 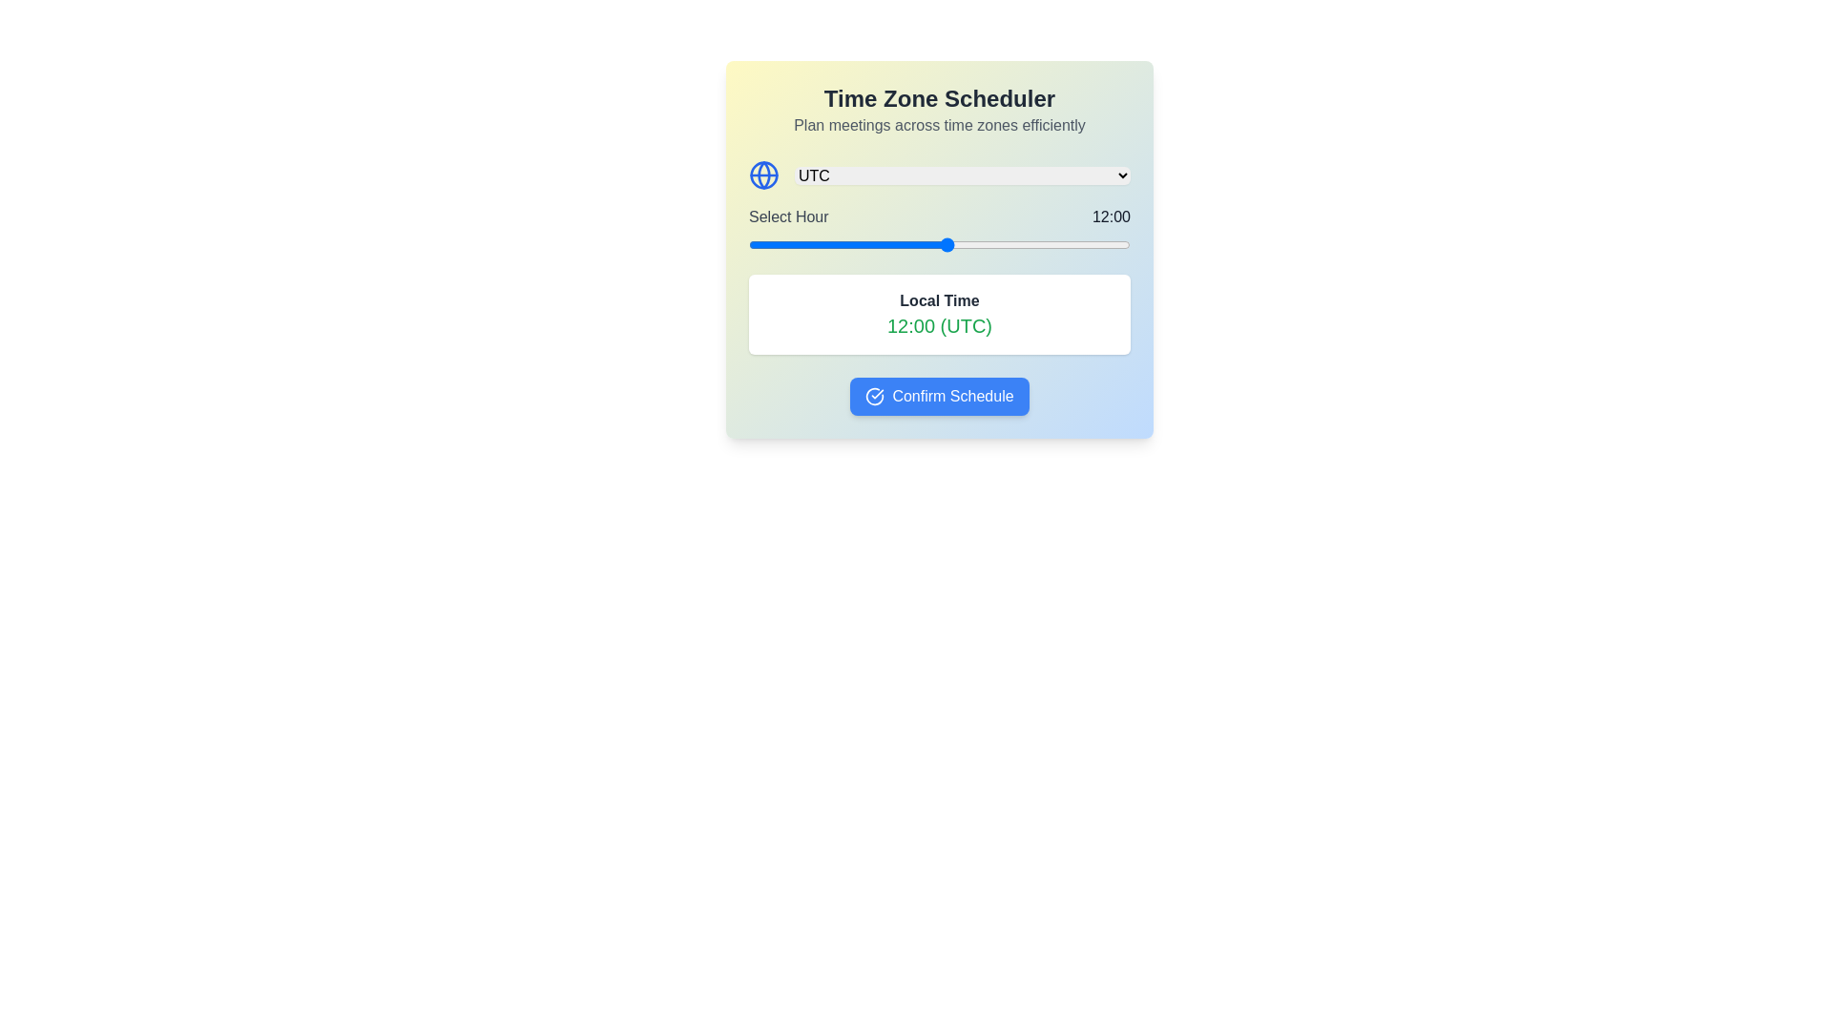 What do you see at coordinates (947, 244) in the screenshot?
I see `the hour` at bounding box center [947, 244].